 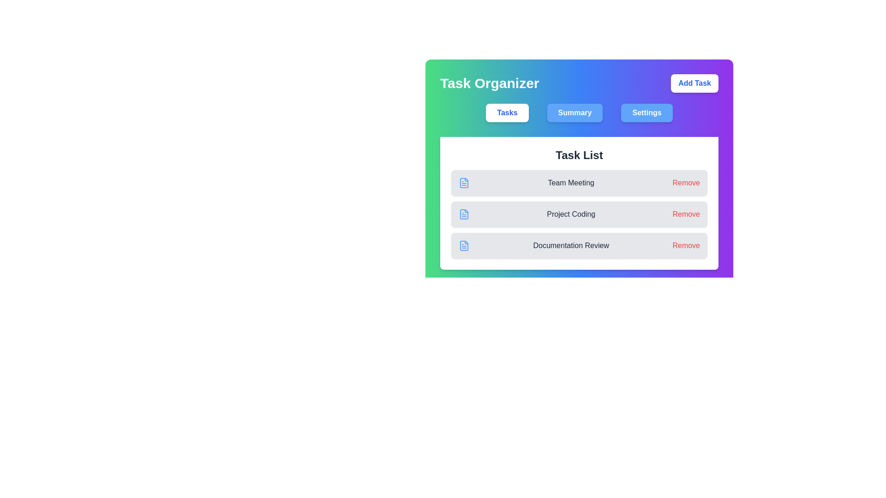 I want to click on the file icon related to the 'Team Meeting' task, which is the first icon in the task list section, so click(x=464, y=183).